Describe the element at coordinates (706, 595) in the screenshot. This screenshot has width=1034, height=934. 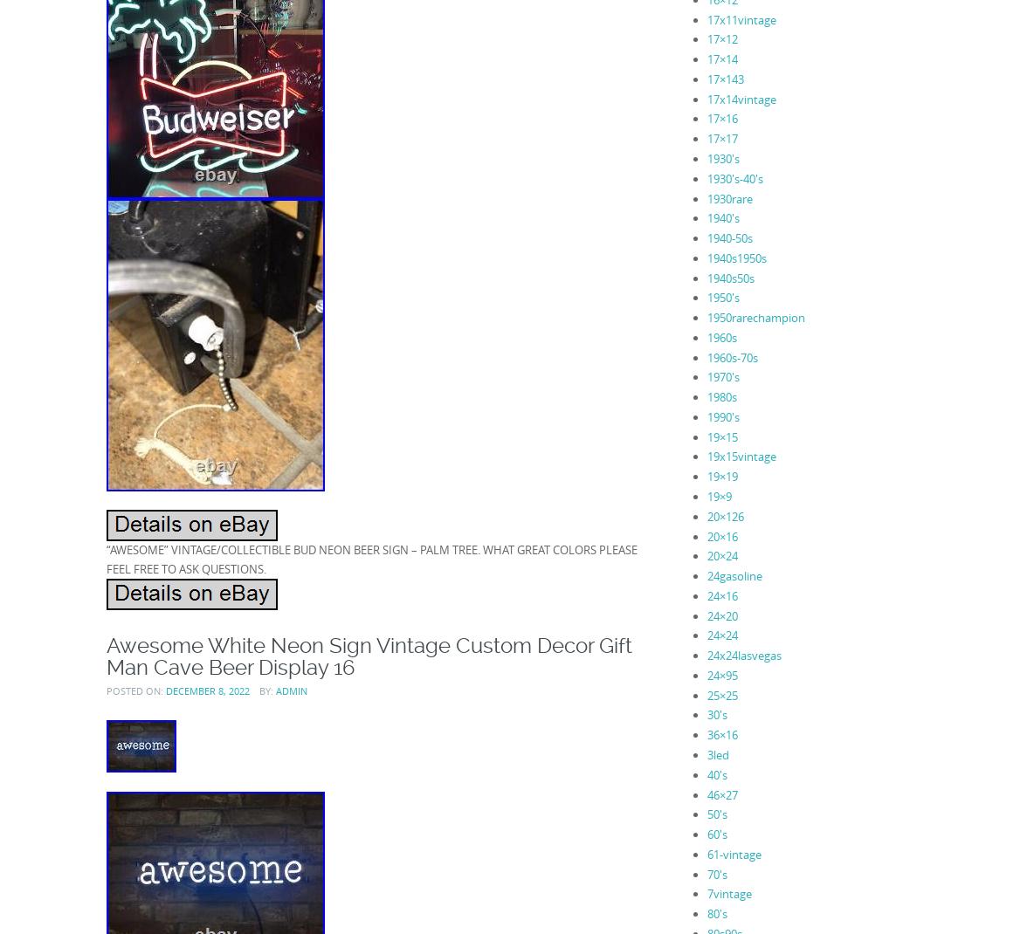
I see `'24×16'` at that location.